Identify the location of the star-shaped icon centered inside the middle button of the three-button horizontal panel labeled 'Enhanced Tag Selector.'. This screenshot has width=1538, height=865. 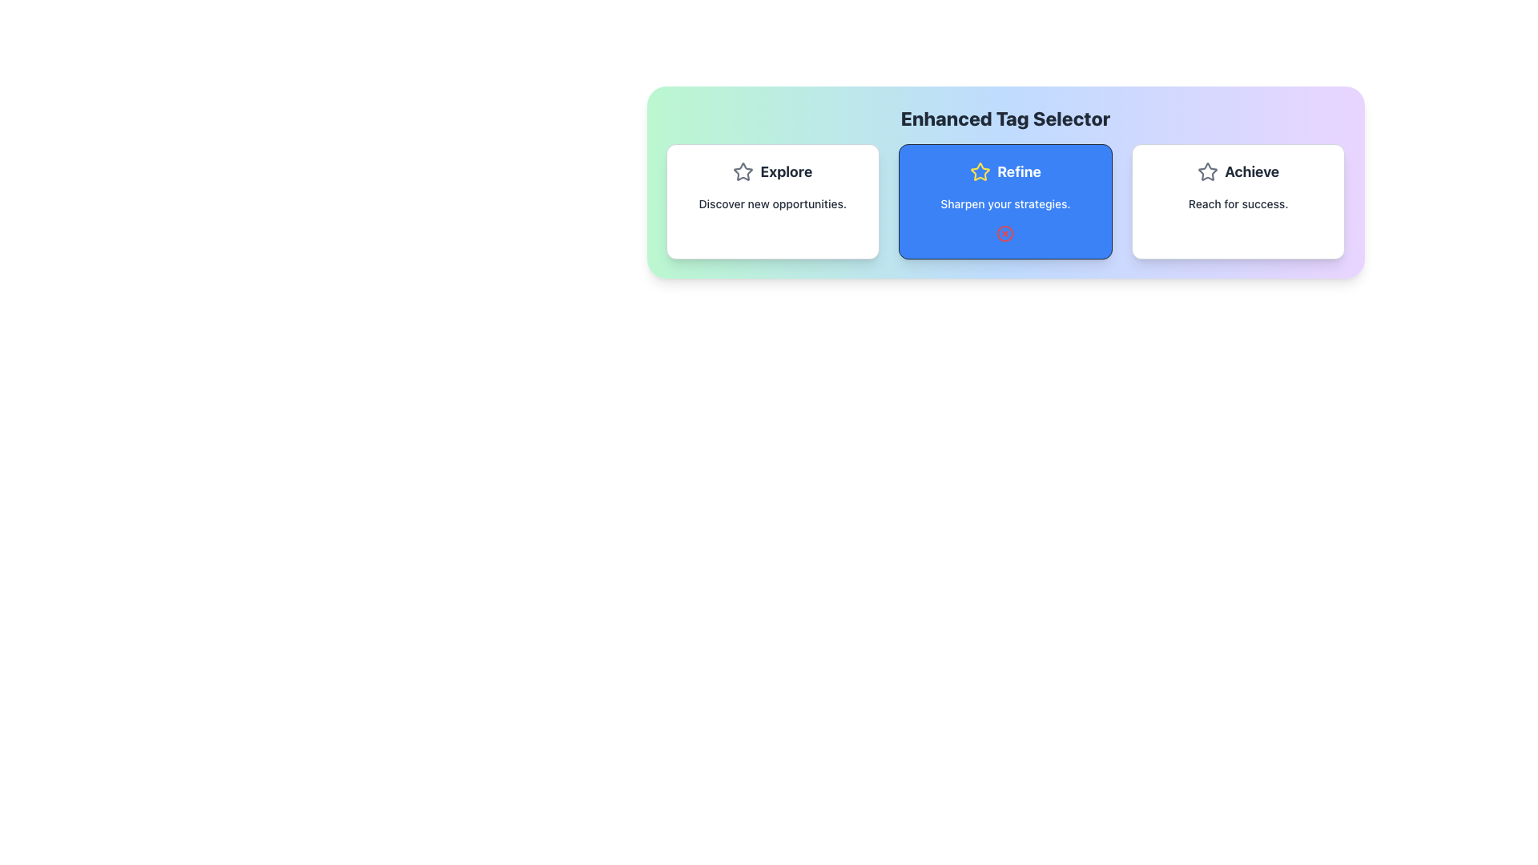
(980, 171).